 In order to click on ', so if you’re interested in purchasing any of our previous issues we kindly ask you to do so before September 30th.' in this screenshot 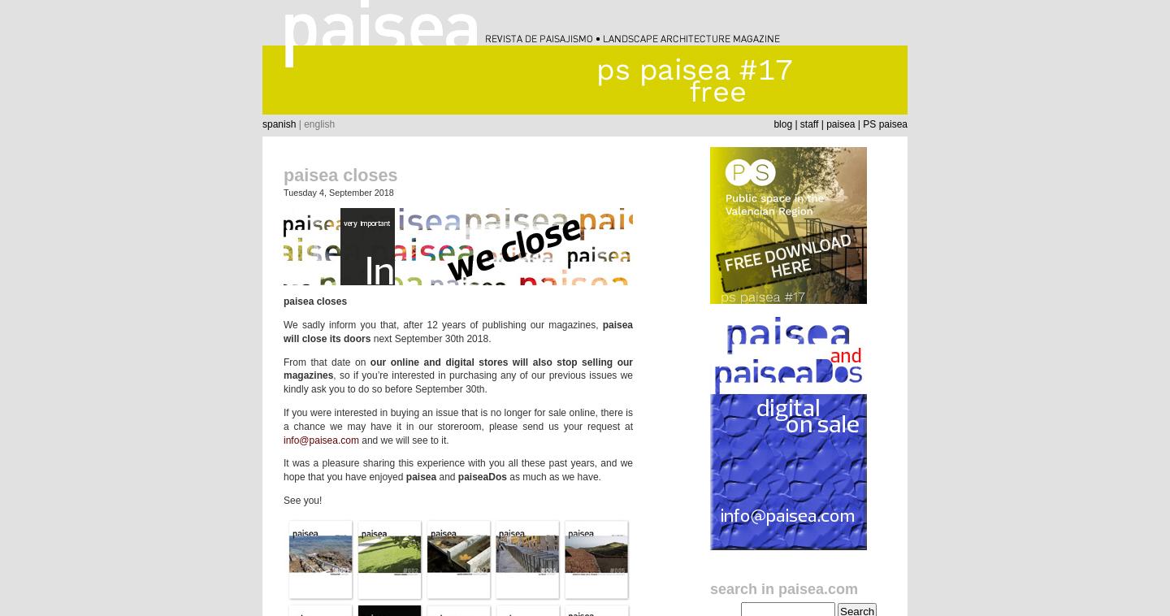, I will do `click(458, 381)`.